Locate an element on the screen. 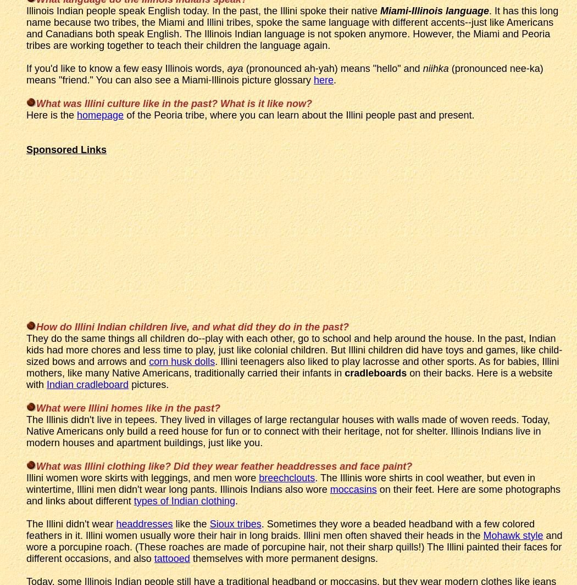 This screenshot has width=577, height=585. 'The Illini didn't wear' is located at coordinates (70, 523).